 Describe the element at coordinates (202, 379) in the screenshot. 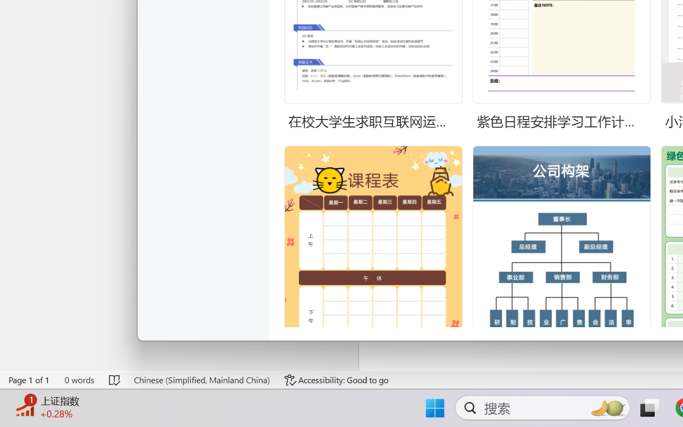

I see `'Language Chinese (Simplified, Mainland China)'` at that location.